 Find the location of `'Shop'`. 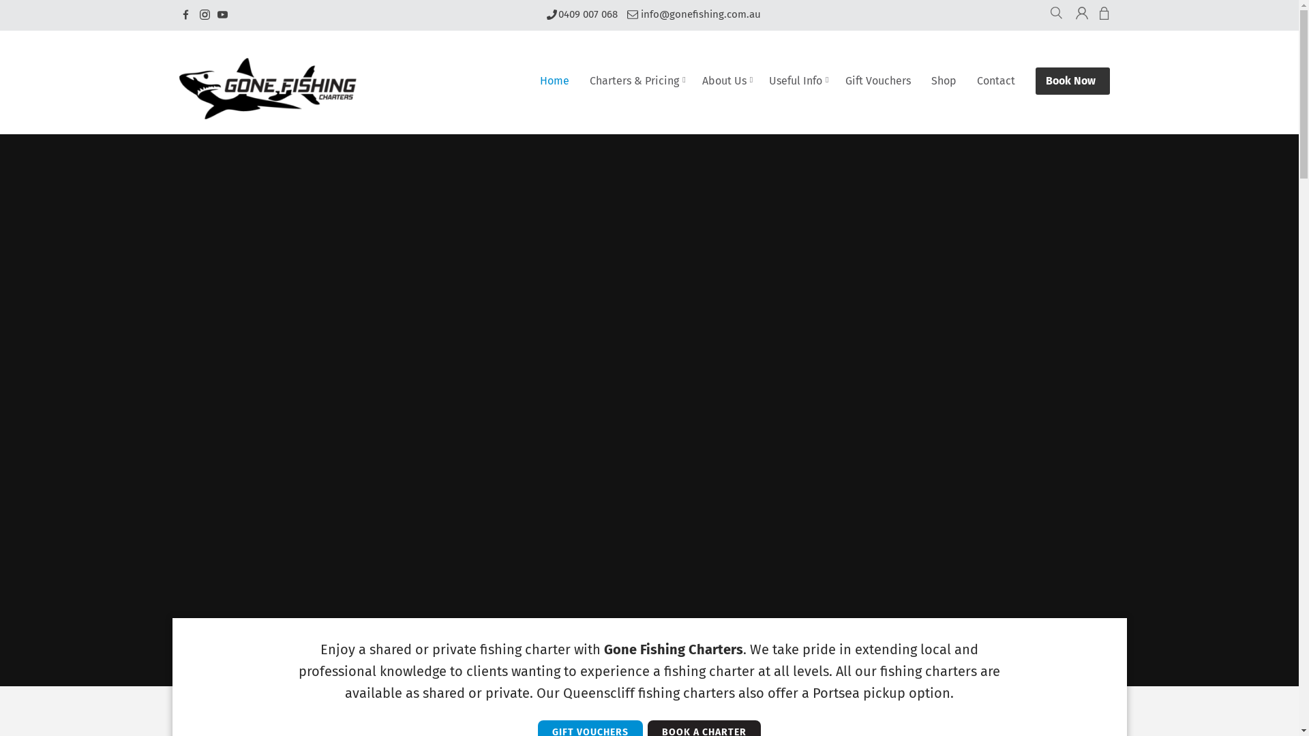

'Shop' is located at coordinates (931, 81).